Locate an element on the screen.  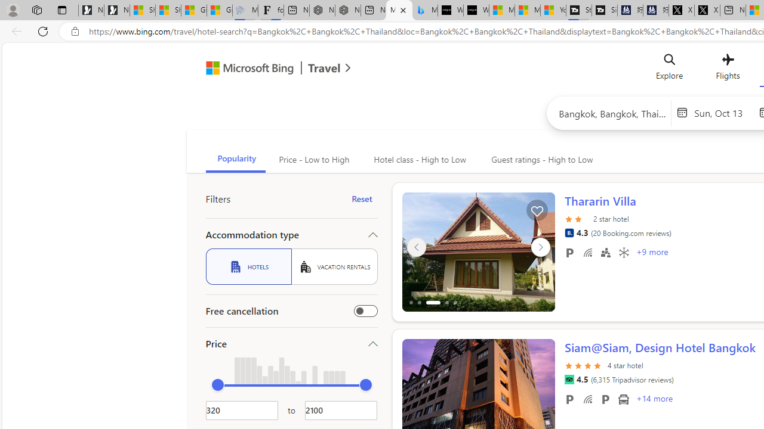
'Explore' is located at coordinates (669, 70).